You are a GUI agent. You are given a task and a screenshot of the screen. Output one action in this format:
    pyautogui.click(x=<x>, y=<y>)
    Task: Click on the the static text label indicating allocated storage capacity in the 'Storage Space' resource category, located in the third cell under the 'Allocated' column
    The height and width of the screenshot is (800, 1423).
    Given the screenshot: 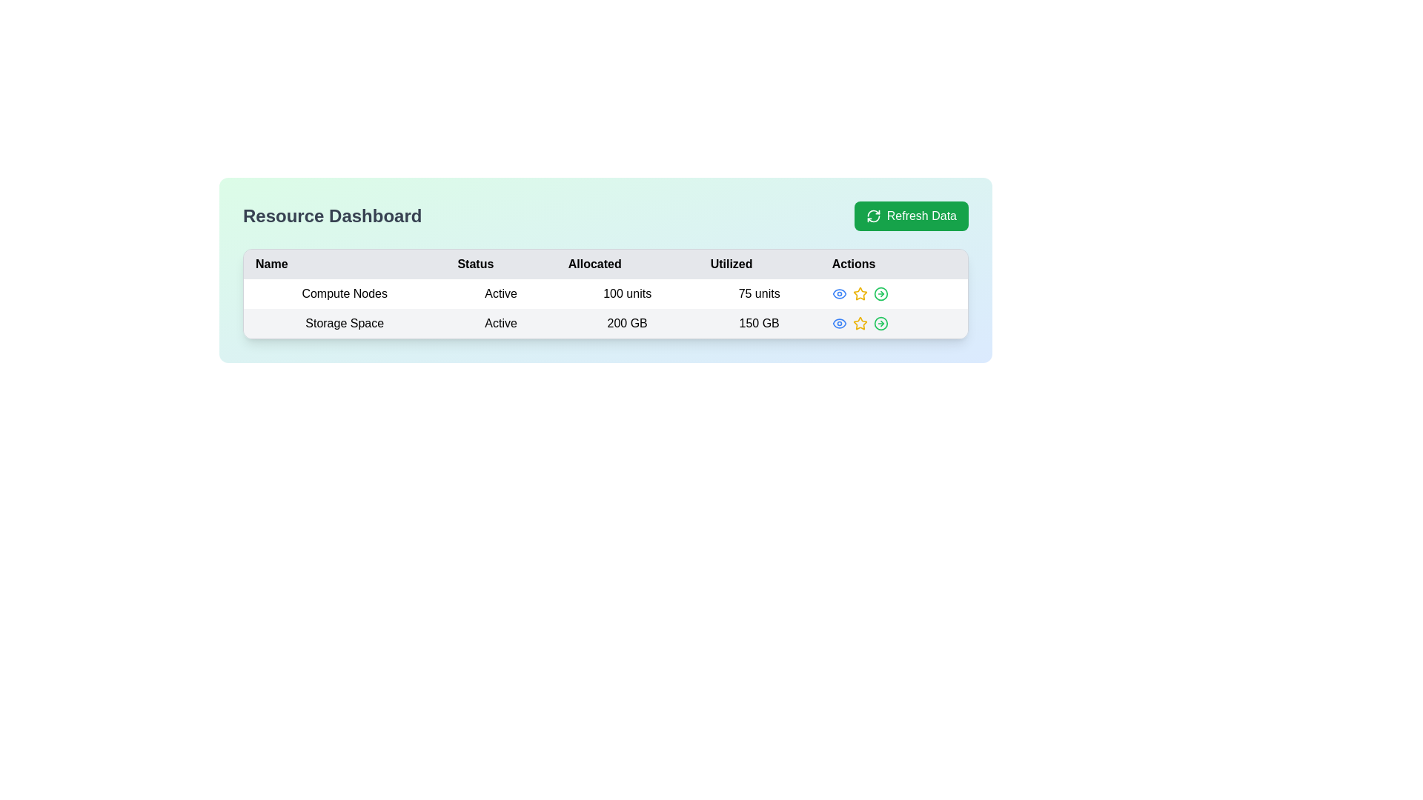 What is the action you would take?
    pyautogui.click(x=627, y=322)
    